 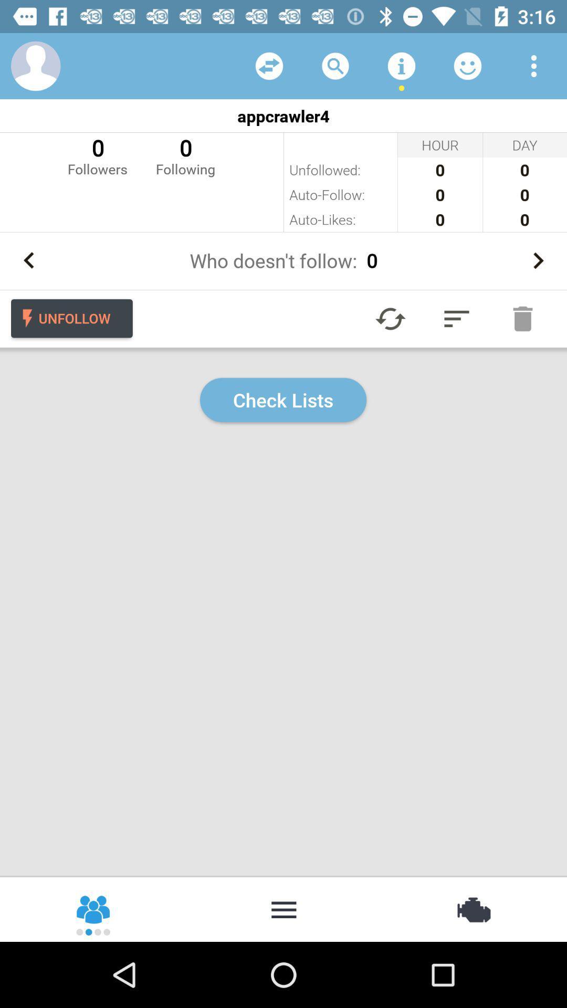 I want to click on search the app, so click(x=335, y=65).